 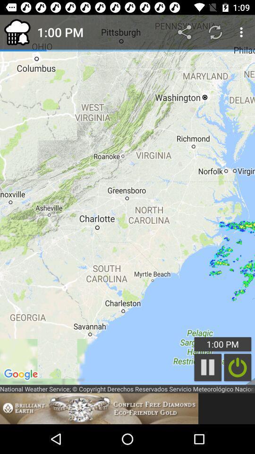 I want to click on playing the current file, so click(x=208, y=367).